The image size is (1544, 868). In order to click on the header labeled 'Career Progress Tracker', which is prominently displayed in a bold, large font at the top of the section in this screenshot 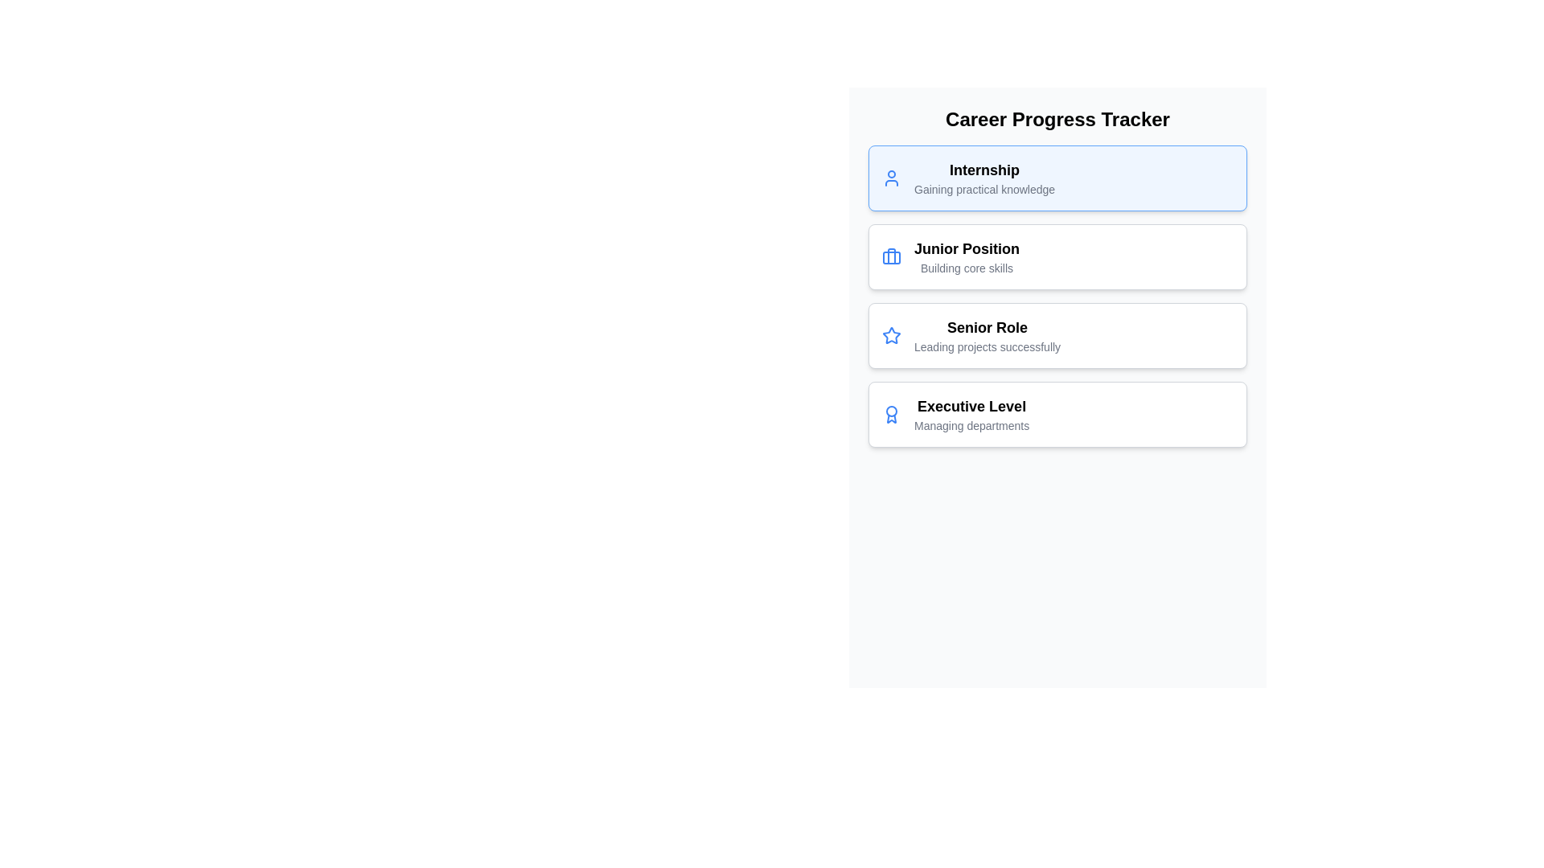, I will do `click(1057, 119)`.